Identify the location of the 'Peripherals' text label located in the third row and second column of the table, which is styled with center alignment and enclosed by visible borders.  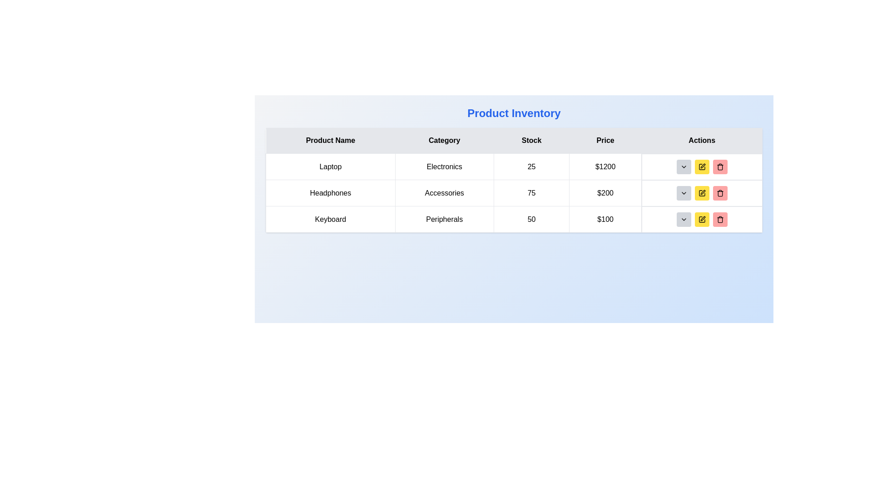
(444, 219).